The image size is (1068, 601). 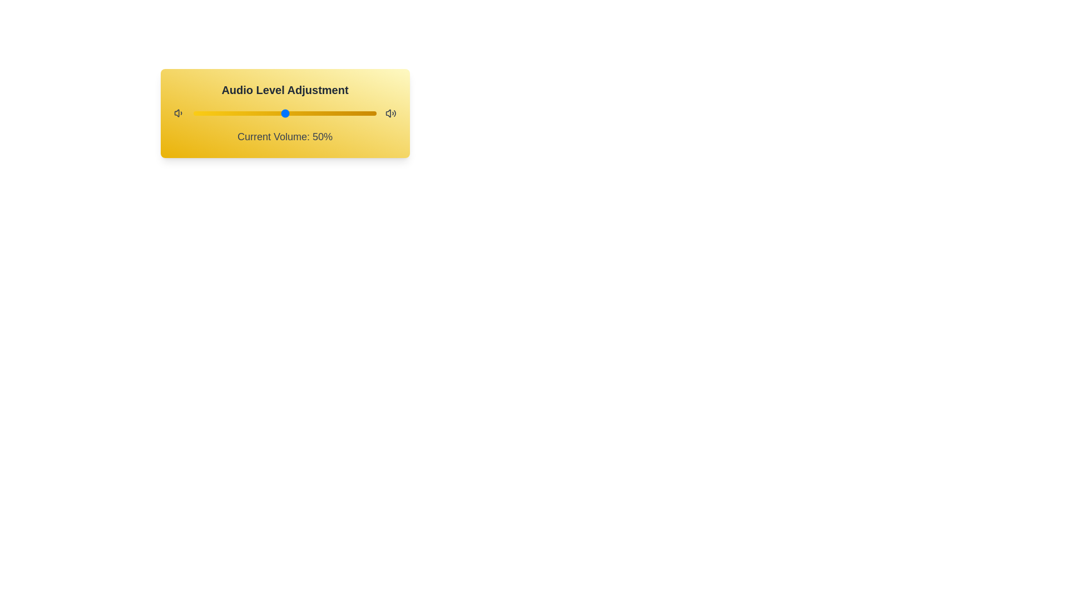 I want to click on the text label that displays the current volume level of the audio interface, located to the right of 'Current Volume:' and near the bottom of the yellow audio adjustment box, so click(x=322, y=136).